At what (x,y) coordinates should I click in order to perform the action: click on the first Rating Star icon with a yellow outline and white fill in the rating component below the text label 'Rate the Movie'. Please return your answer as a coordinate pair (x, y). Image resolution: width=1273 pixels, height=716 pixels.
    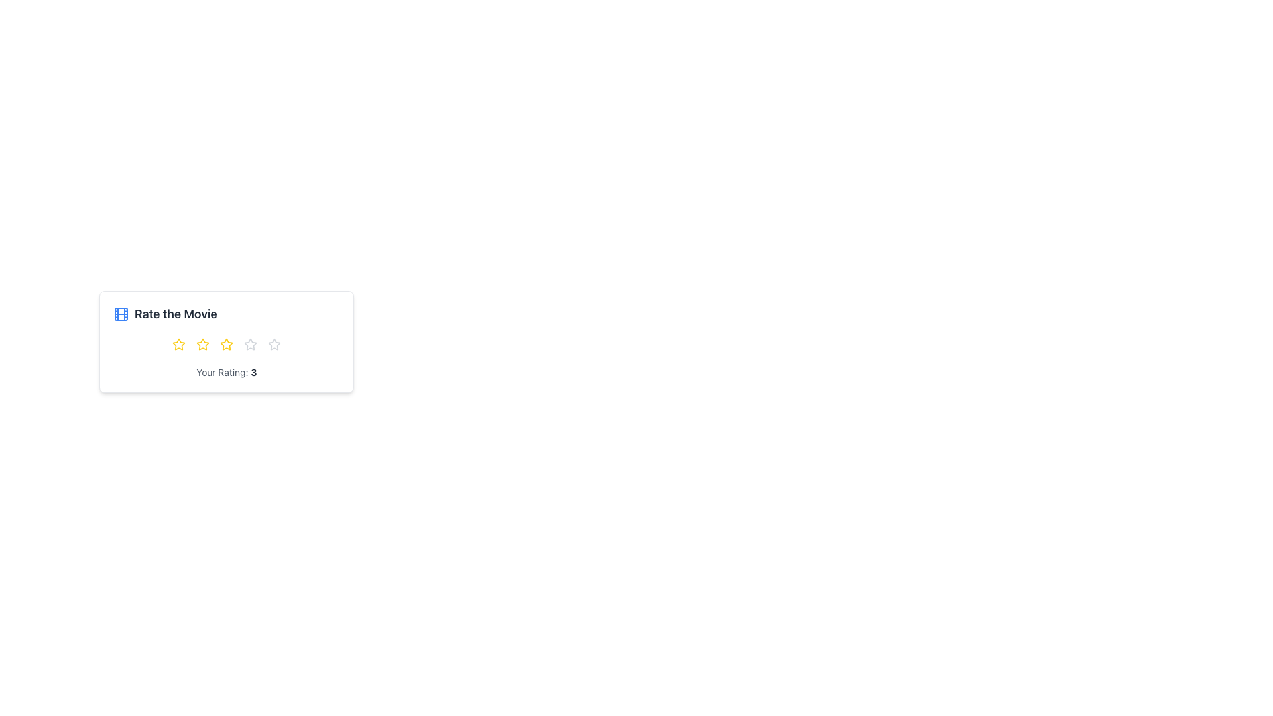
    Looking at the image, I should click on (178, 343).